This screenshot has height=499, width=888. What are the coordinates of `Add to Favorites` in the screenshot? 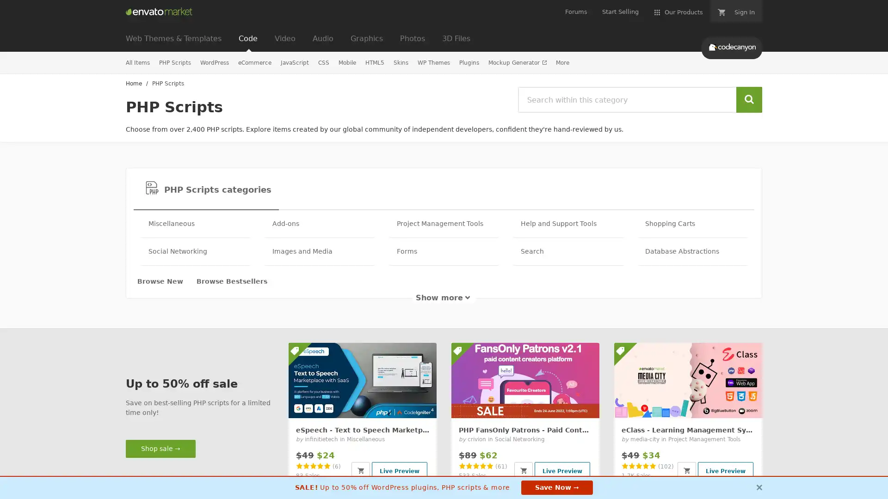 It's located at (587, 404).